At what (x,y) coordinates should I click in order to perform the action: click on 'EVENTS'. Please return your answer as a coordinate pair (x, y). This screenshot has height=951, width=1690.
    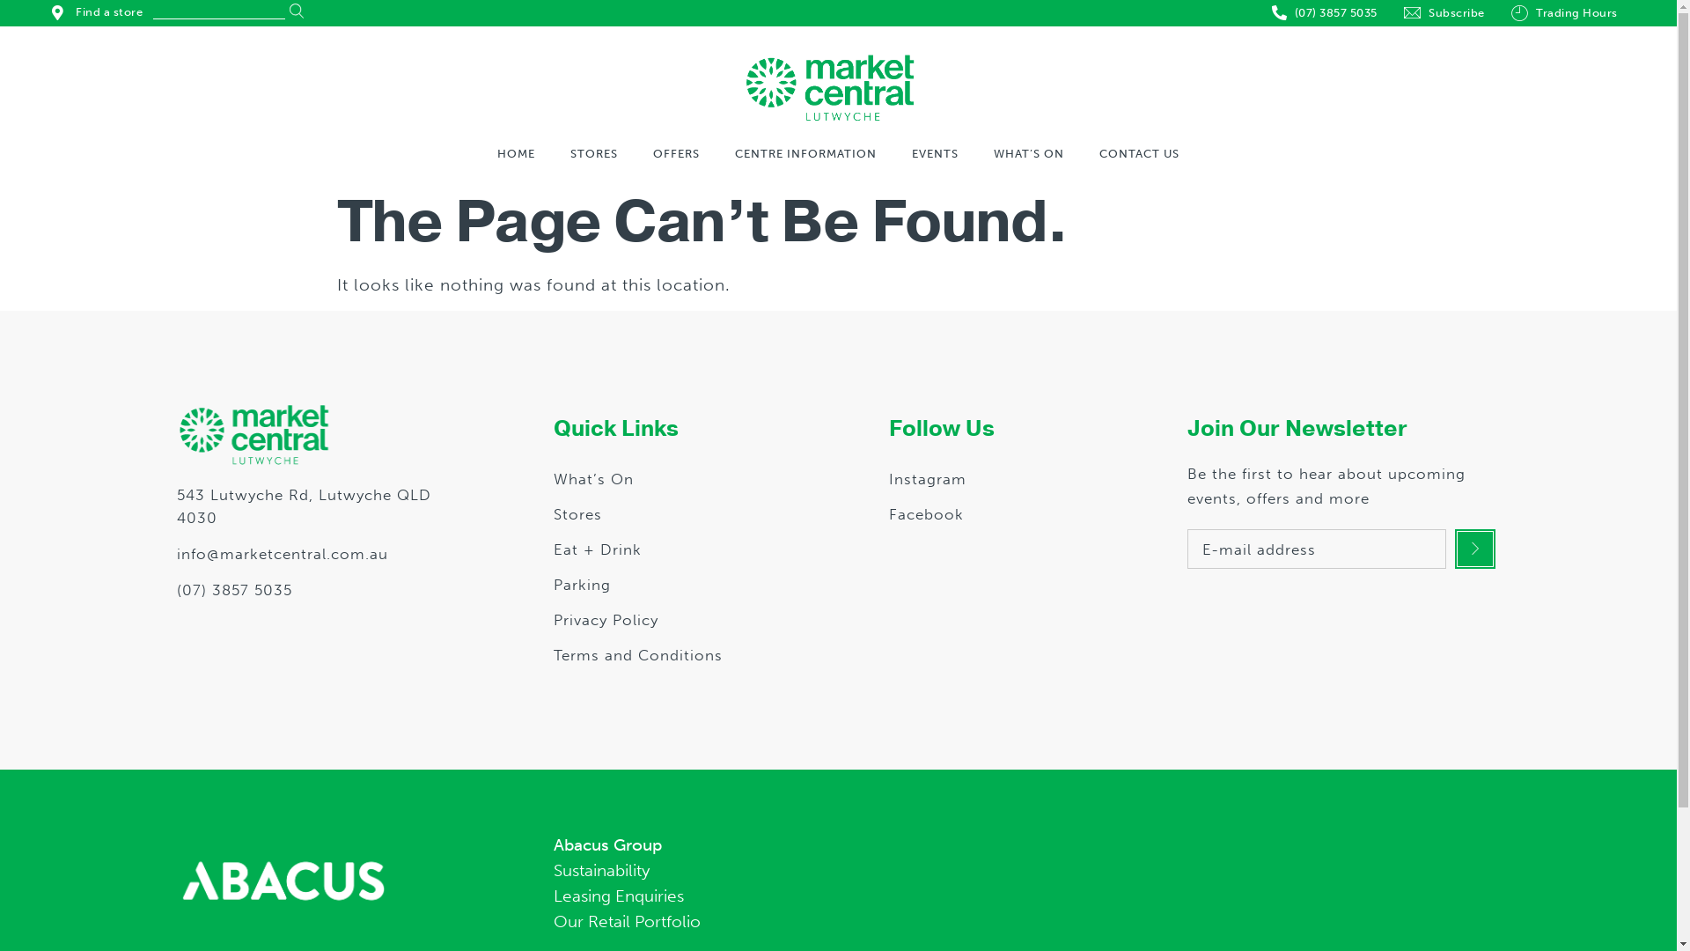
    Looking at the image, I should click on (934, 152).